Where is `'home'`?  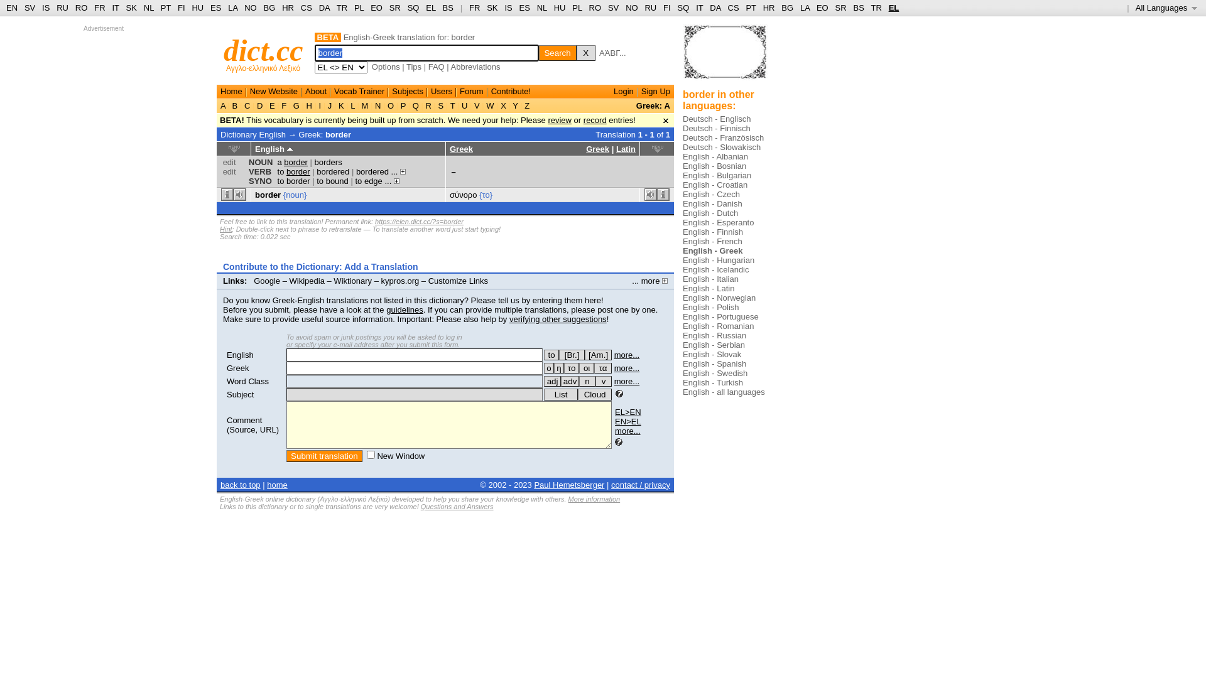 'home' is located at coordinates (266, 484).